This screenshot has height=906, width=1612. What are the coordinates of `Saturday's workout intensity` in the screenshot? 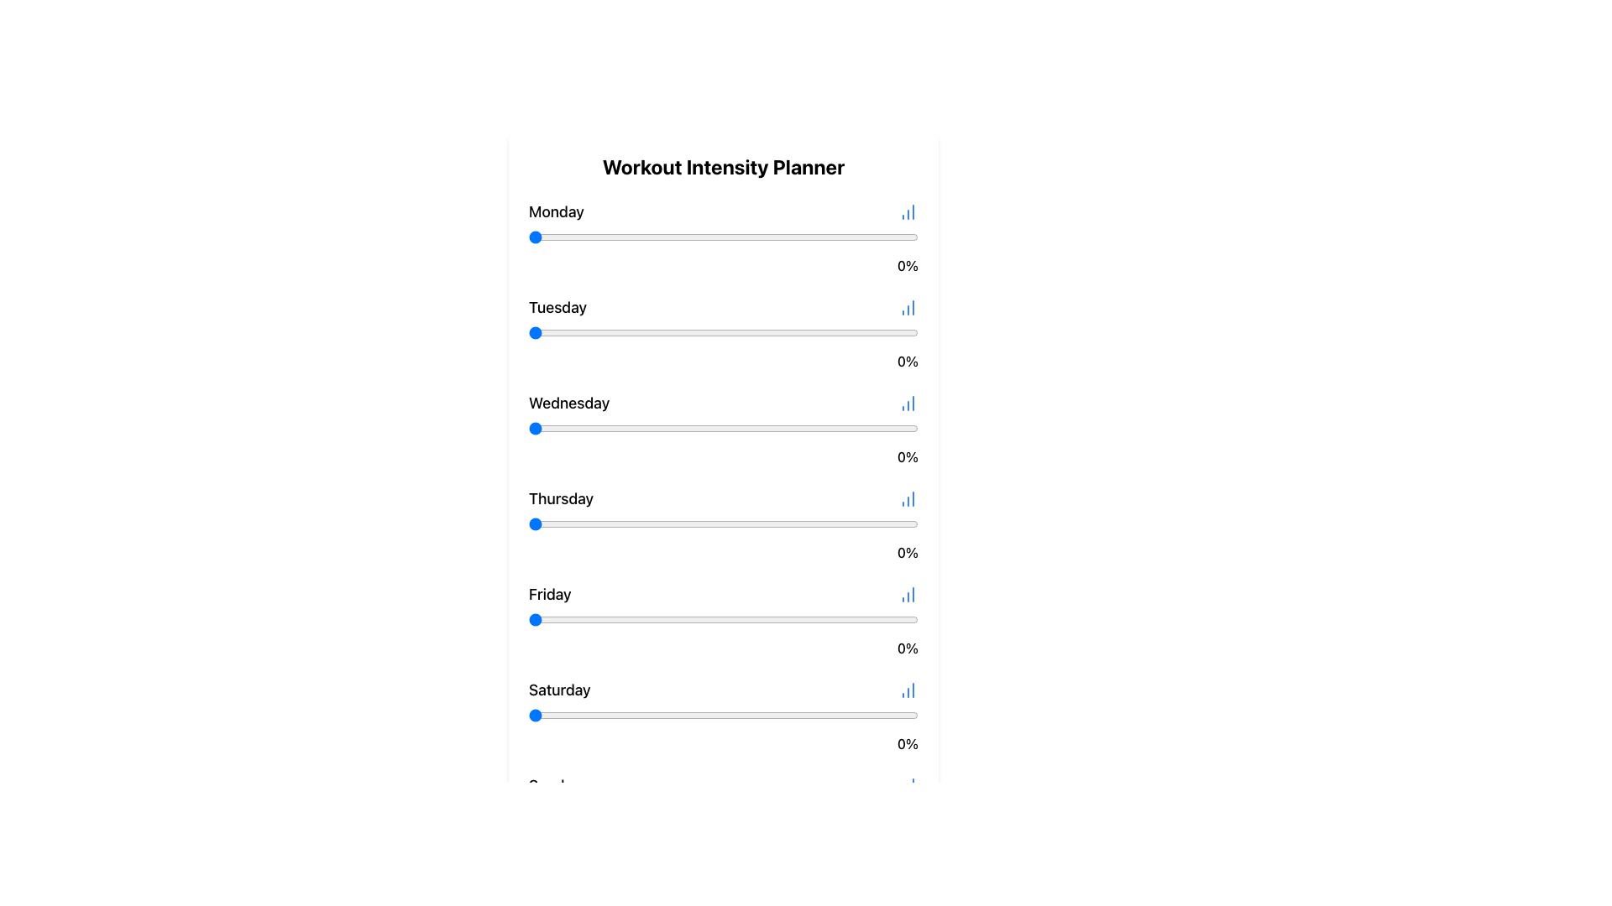 It's located at (739, 715).